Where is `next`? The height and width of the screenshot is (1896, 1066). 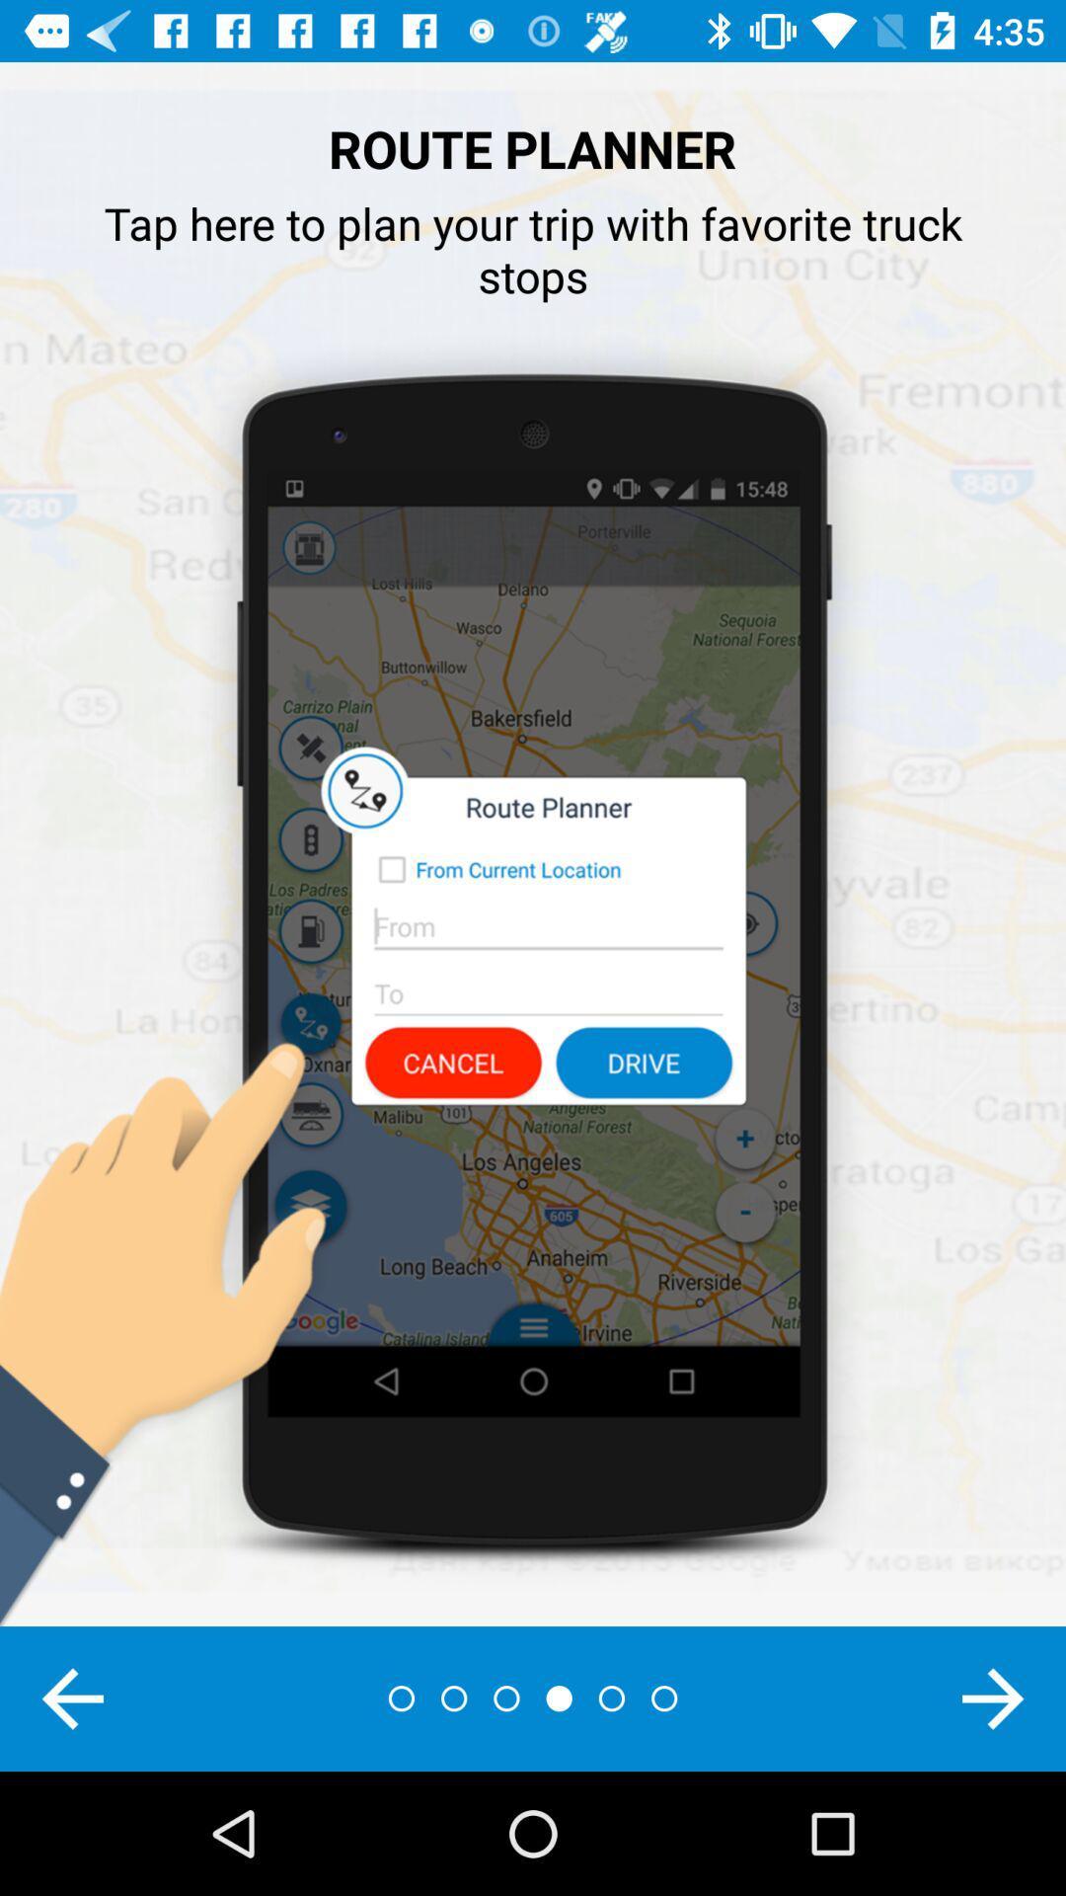 next is located at coordinates (993, 1698).